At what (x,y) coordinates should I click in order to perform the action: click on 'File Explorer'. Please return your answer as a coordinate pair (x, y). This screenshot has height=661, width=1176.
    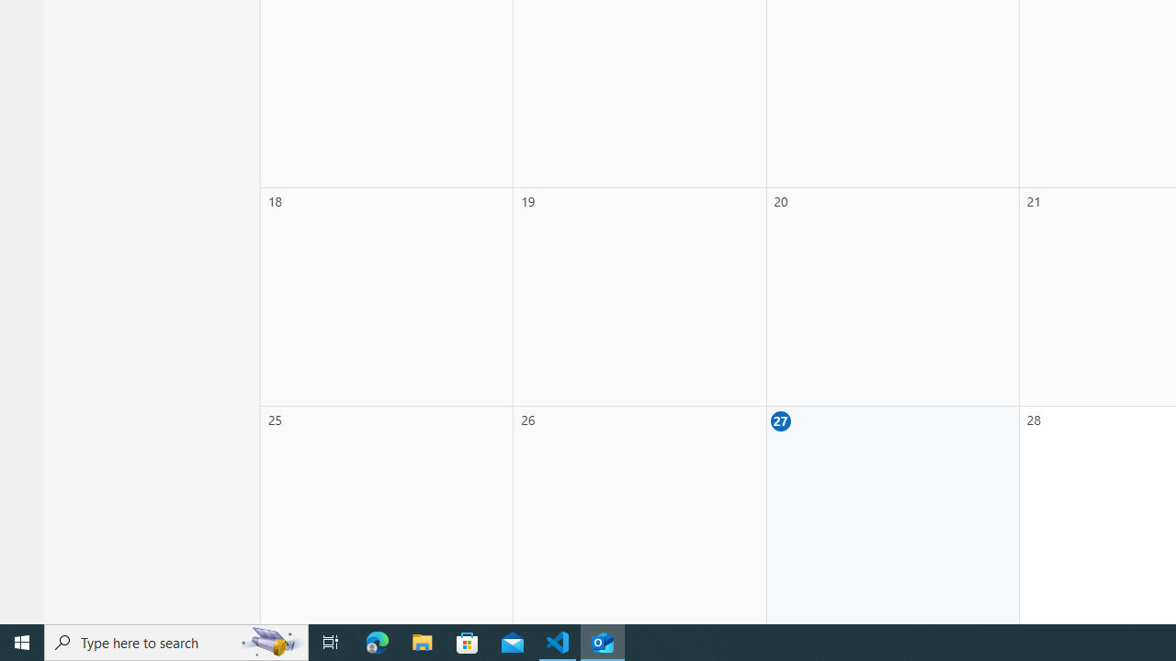
    Looking at the image, I should click on (422, 641).